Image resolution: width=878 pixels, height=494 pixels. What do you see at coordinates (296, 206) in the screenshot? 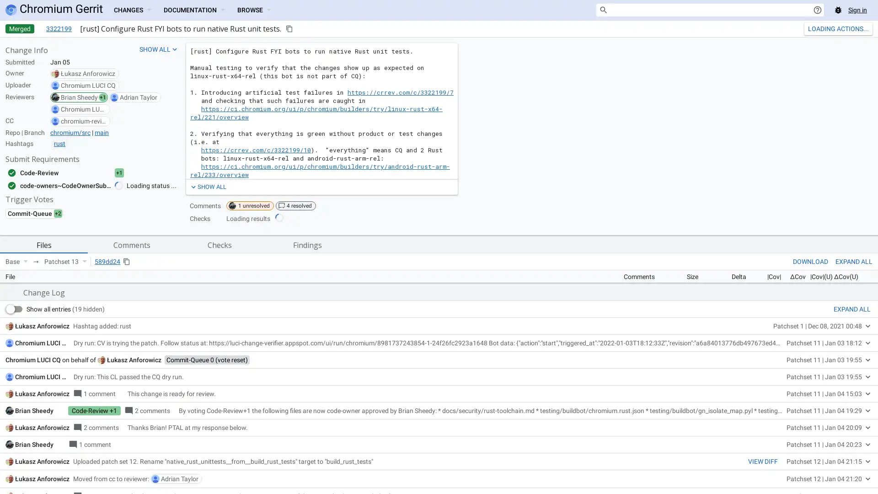
I see `4 resolved` at bounding box center [296, 206].